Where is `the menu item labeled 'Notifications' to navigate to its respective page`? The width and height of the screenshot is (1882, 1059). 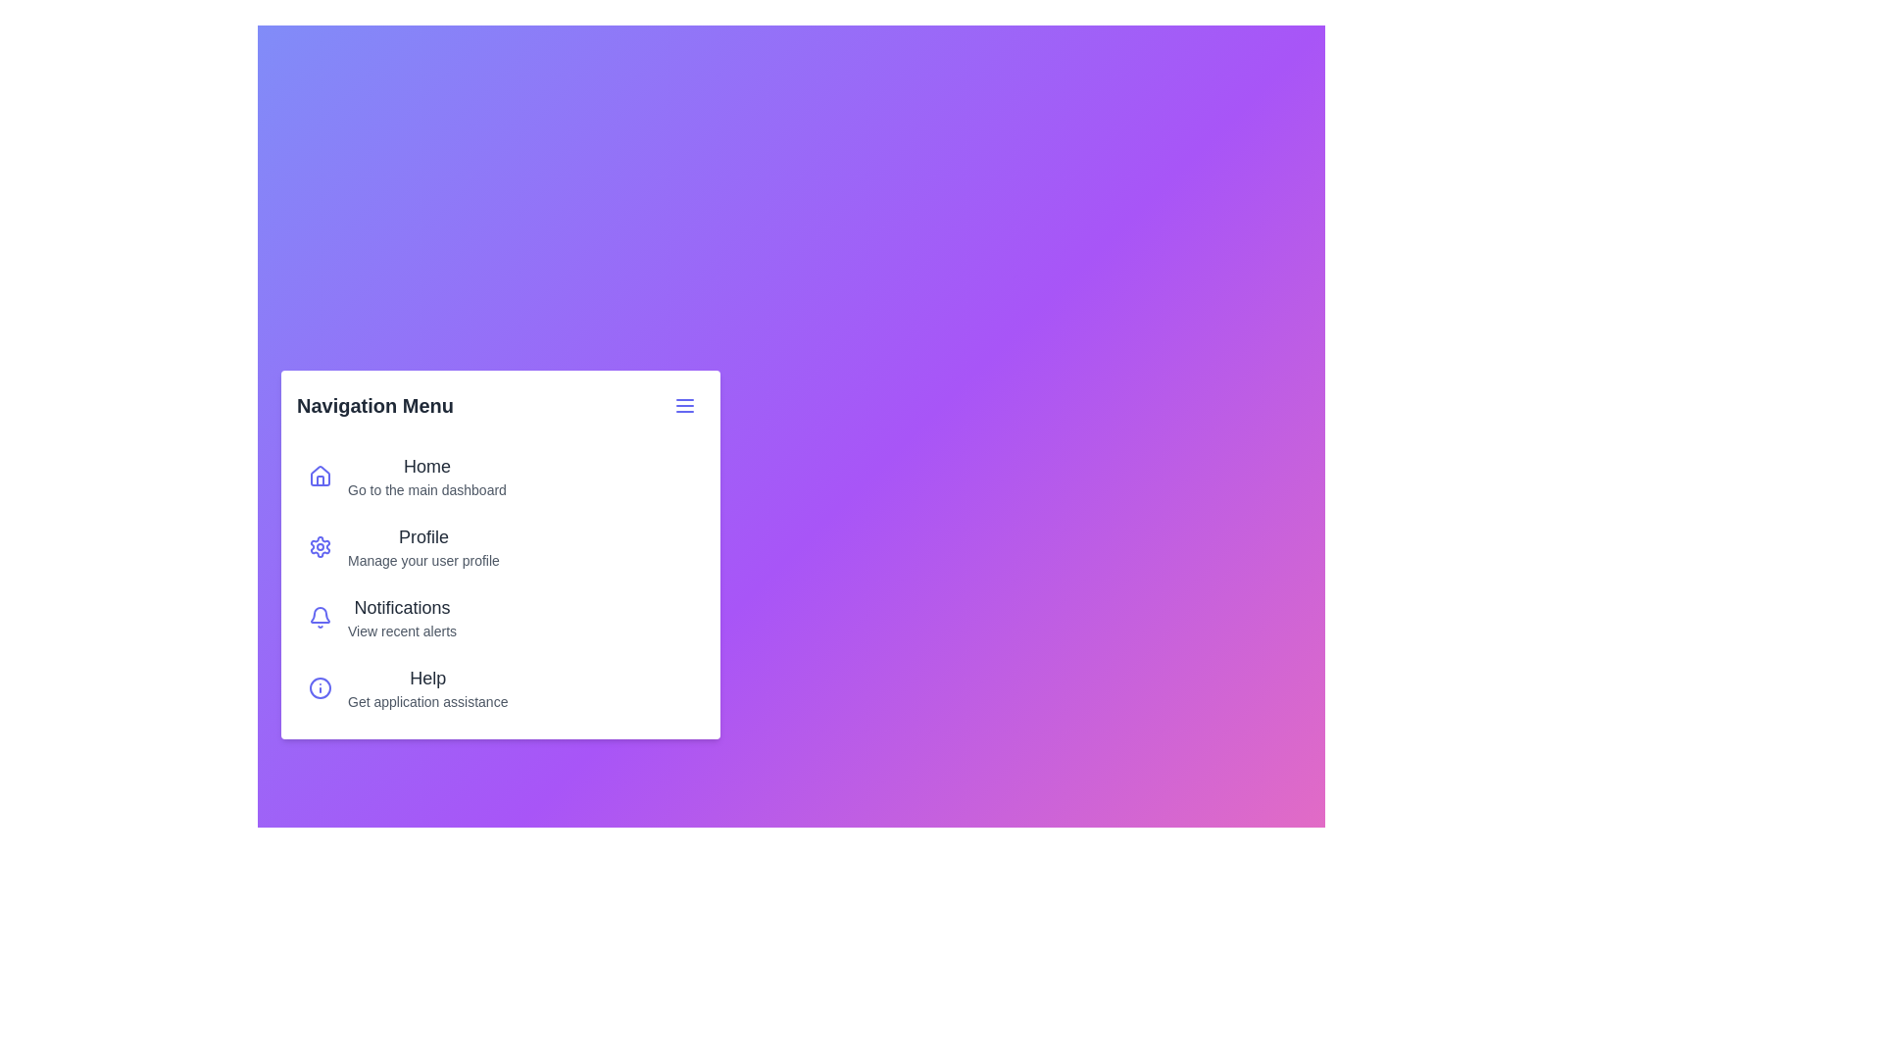 the menu item labeled 'Notifications' to navigate to its respective page is located at coordinates (500, 616).